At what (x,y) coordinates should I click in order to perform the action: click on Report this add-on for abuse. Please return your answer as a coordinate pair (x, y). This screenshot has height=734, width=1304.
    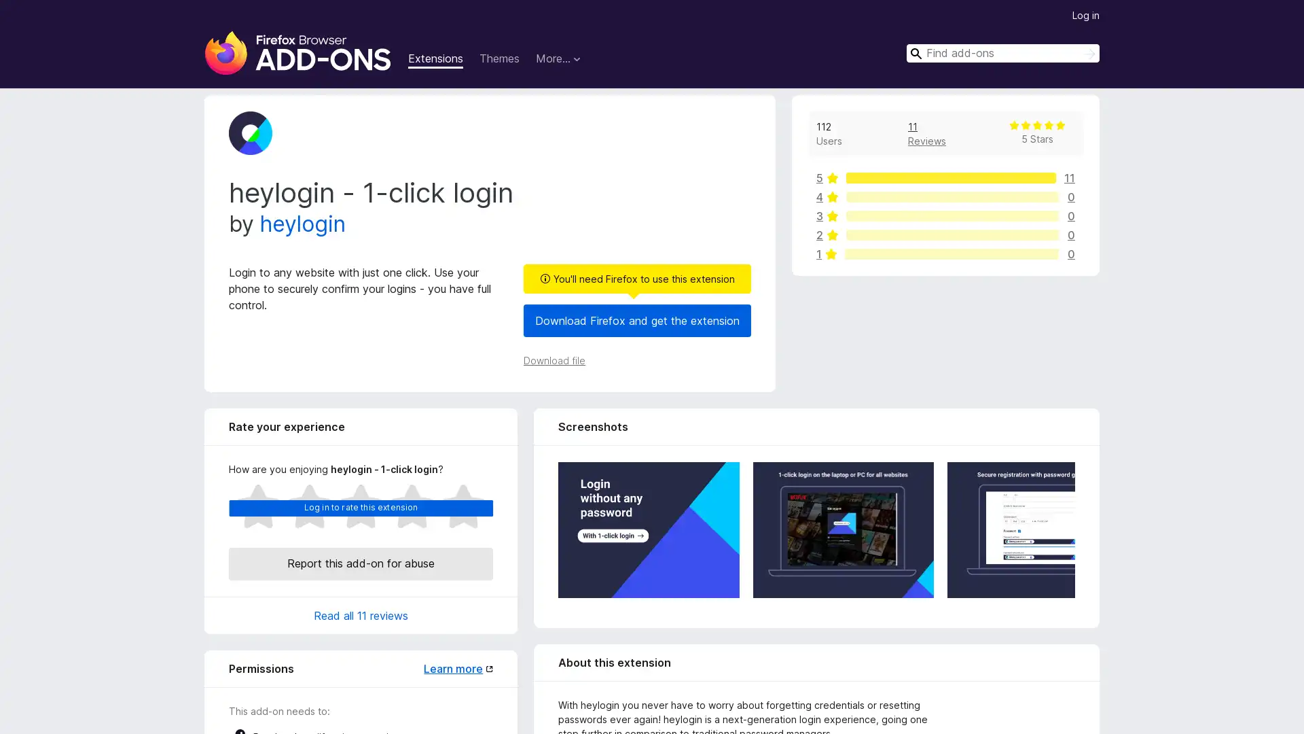
    Looking at the image, I should click on (361, 563).